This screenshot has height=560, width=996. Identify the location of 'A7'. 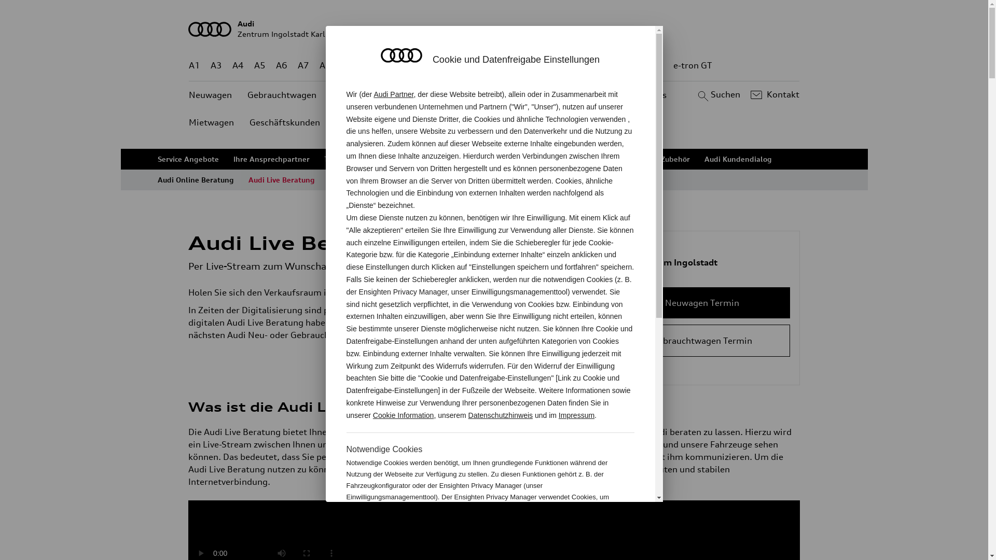
(303, 65).